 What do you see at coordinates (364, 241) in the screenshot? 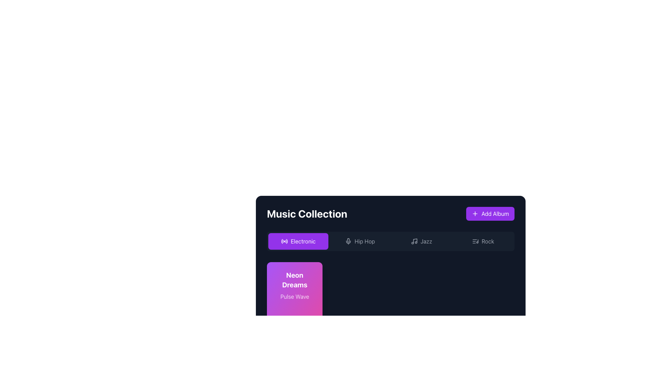
I see `the text label reading 'Hip Hop' in the music genre navigation bar` at bounding box center [364, 241].